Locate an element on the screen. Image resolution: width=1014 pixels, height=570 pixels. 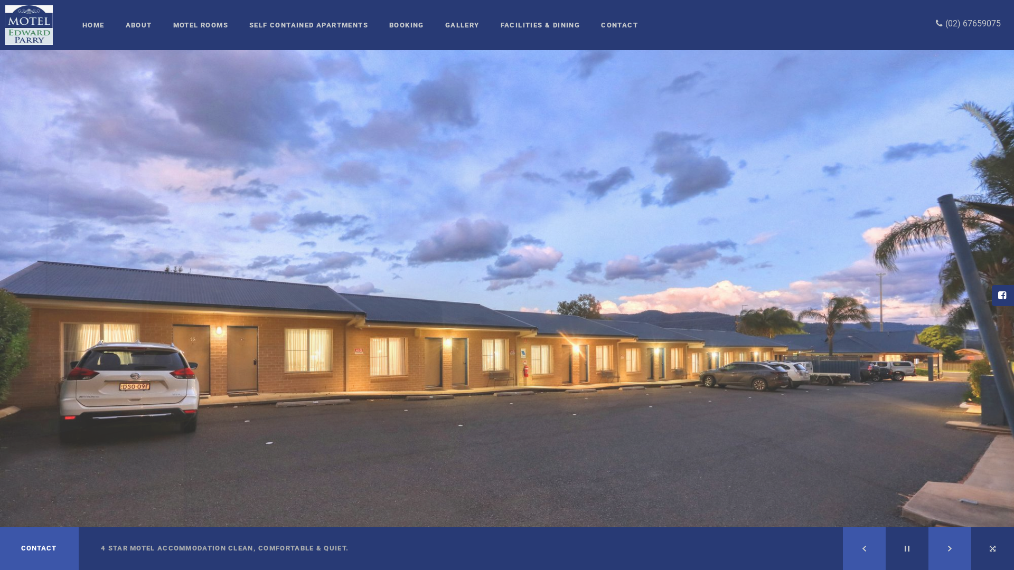
'ABOUT' is located at coordinates (138, 24).